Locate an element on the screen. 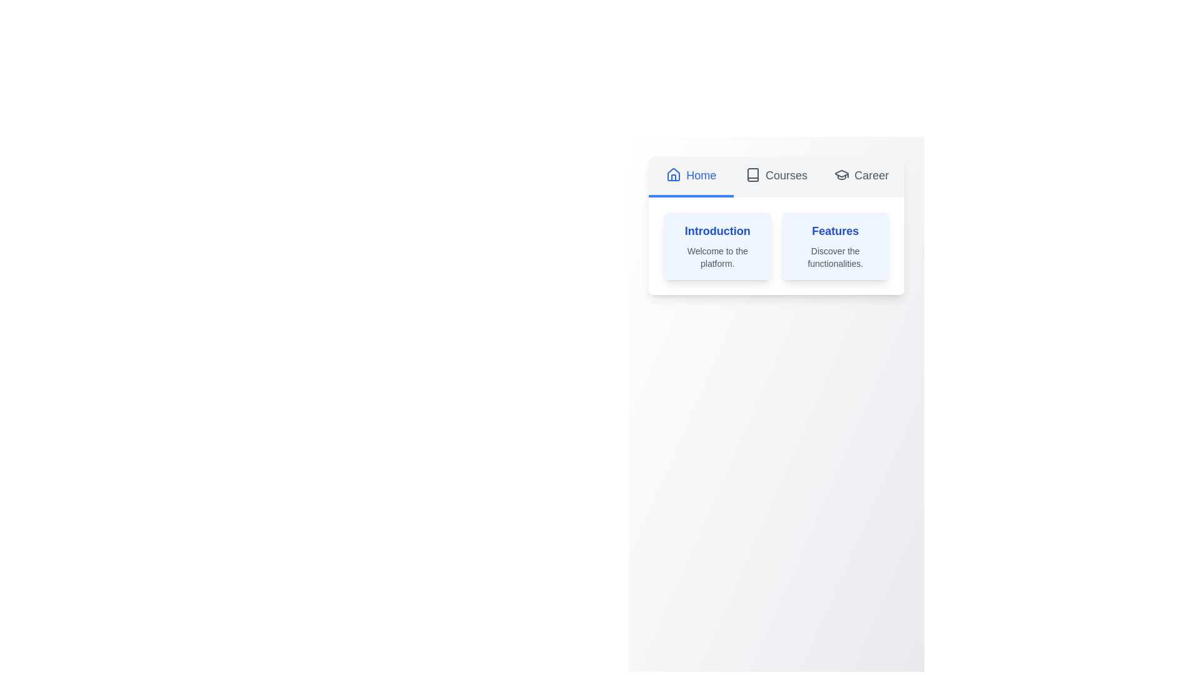 This screenshot has height=675, width=1200. the 'Career' button-like text navigation link with a graduation cap icon is located at coordinates (861, 177).